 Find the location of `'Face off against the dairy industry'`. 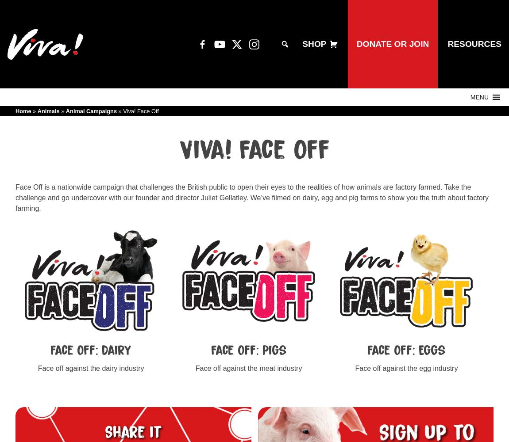

'Face off against the dairy industry' is located at coordinates (90, 368).